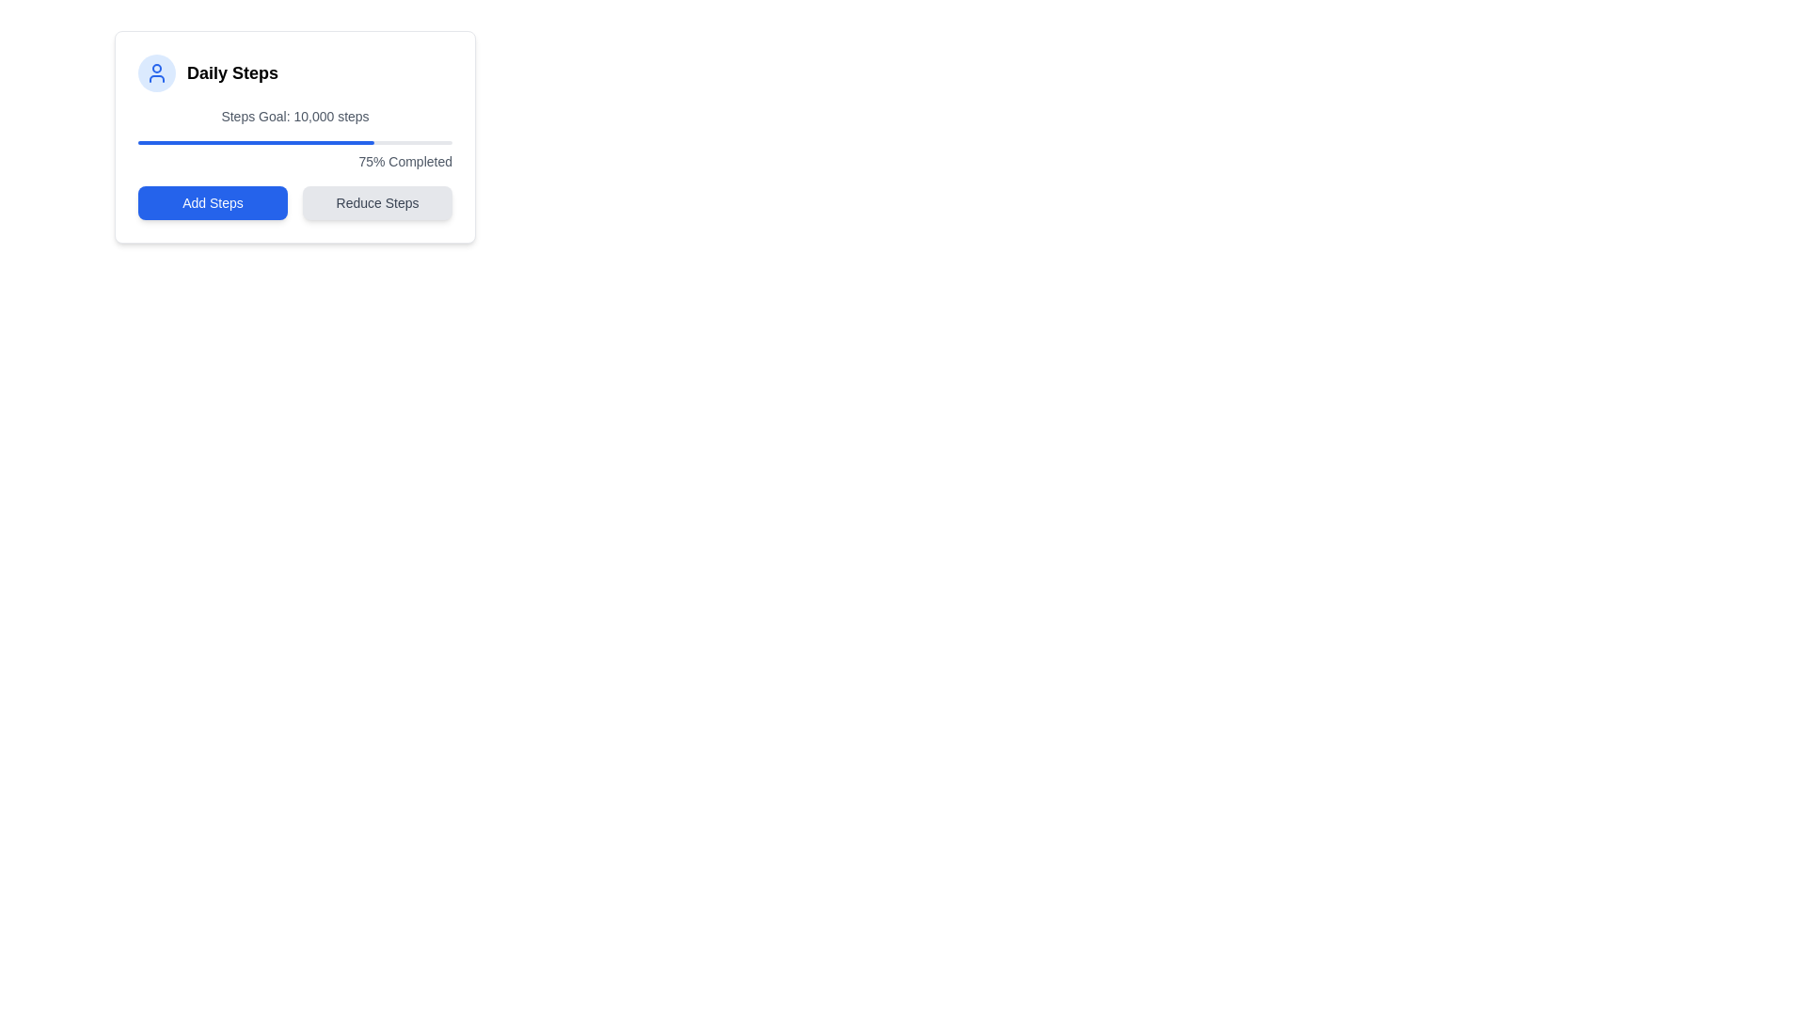 This screenshot has height=1016, width=1806. Describe the element at coordinates (255, 141) in the screenshot. I see `the Progress Indicator that visualizes 75% completion of the steps goal, positioned below the 'Steps Goal: 10,000 steps' label and above the 'Add Steps' and 'Reduce Steps' buttons` at that location.